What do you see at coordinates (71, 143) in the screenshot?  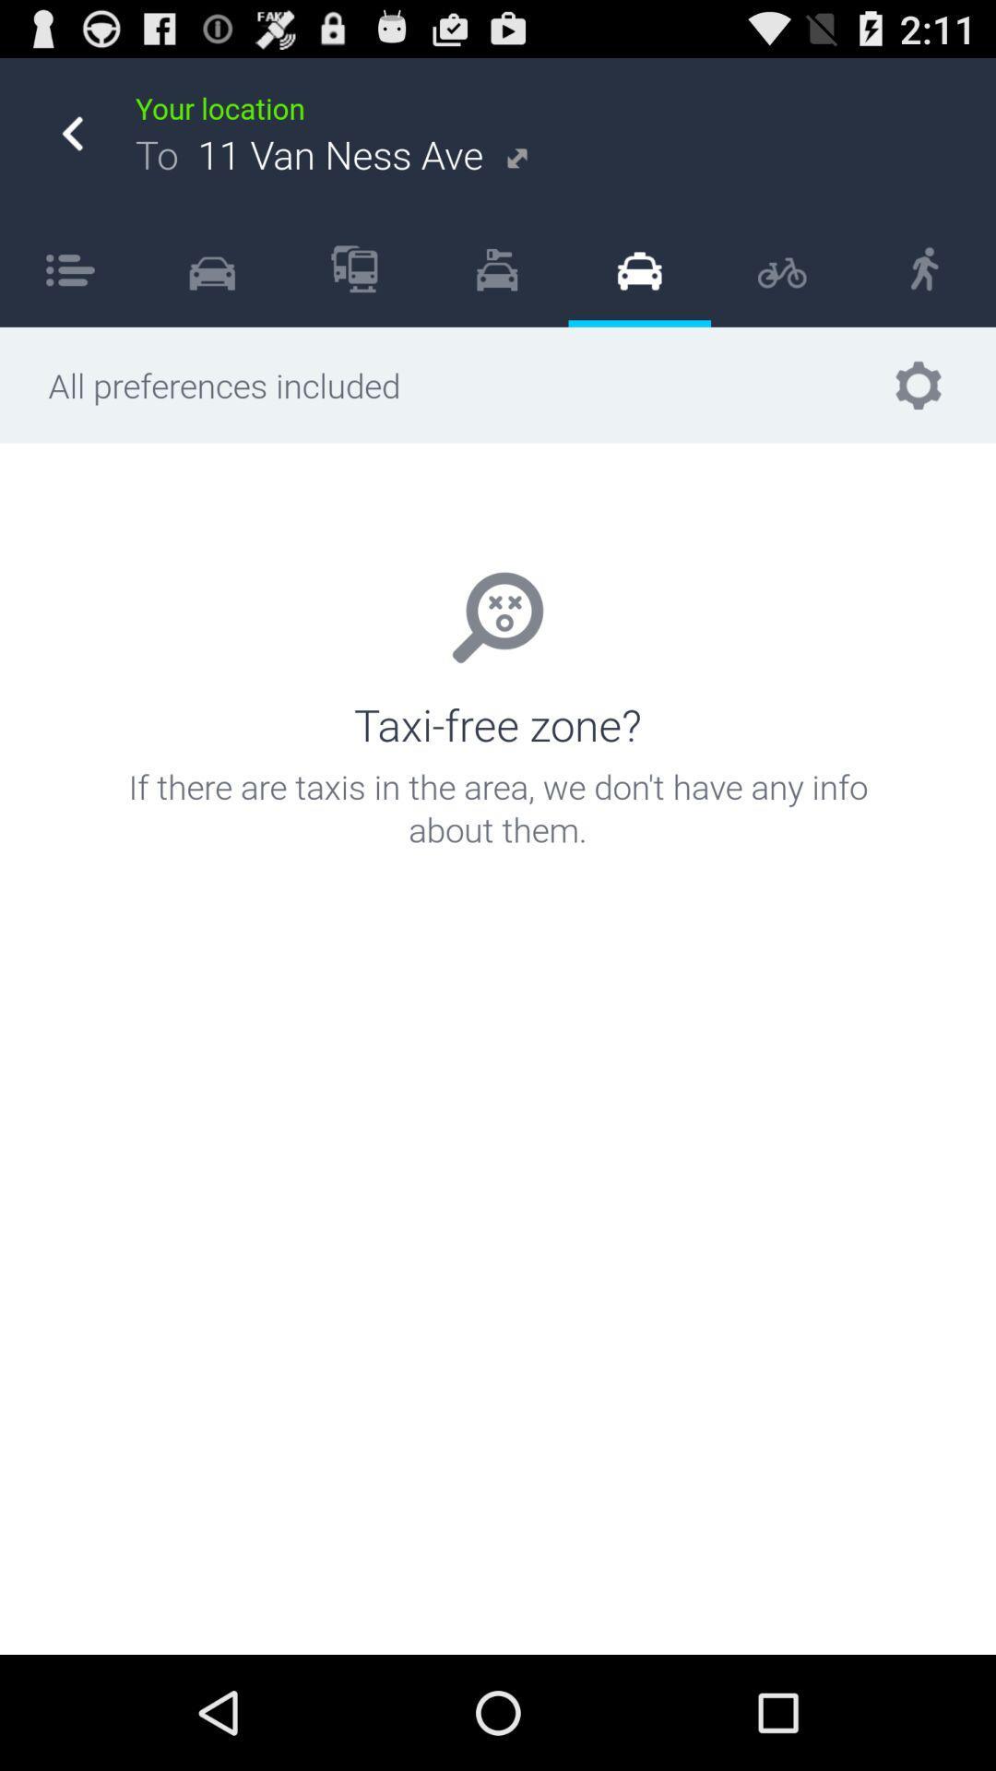 I see `the arrow_backward icon` at bounding box center [71, 143].